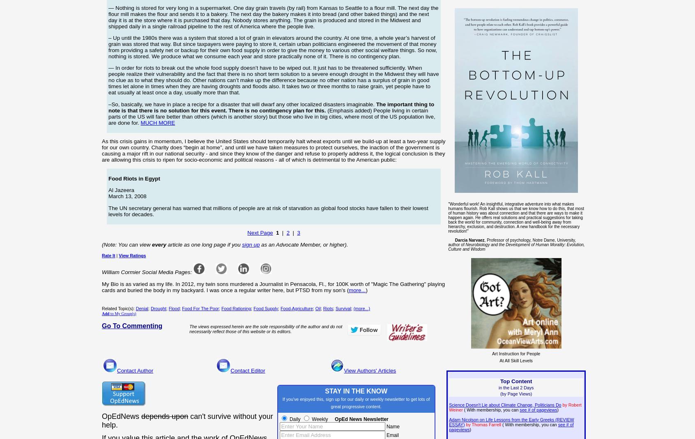 The height and width of the screenshot is (439, 695). Describe the element at coordinates (122, 313) in the screenshot. I see `'to My Group(s)'` at that location.